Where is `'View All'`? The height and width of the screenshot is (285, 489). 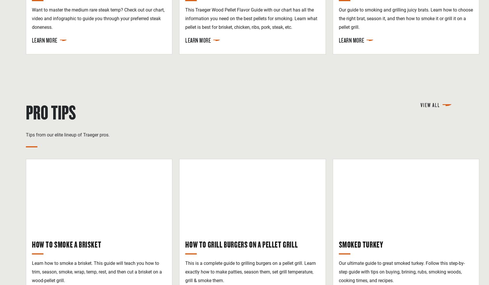 'View All' is located at coordinates (430, 105).